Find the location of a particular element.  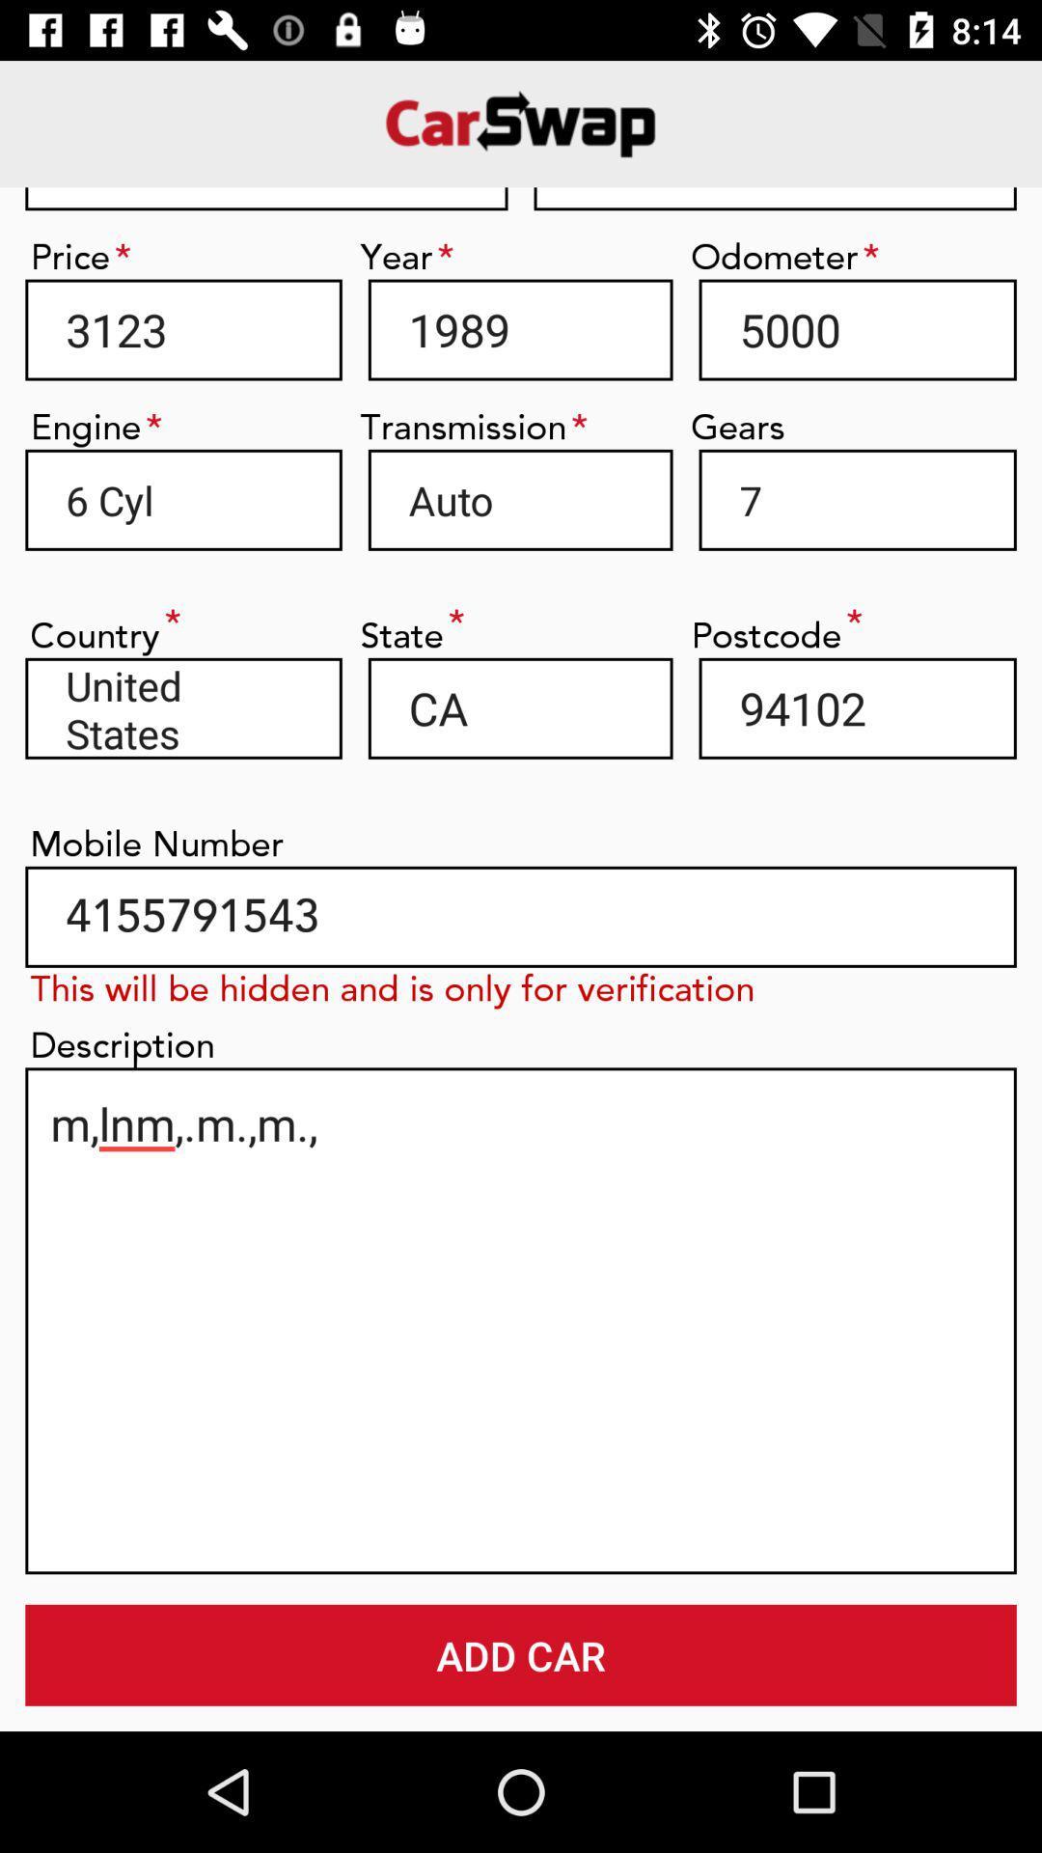

item next to the 6451645 item is located at coordinates (266, 199).